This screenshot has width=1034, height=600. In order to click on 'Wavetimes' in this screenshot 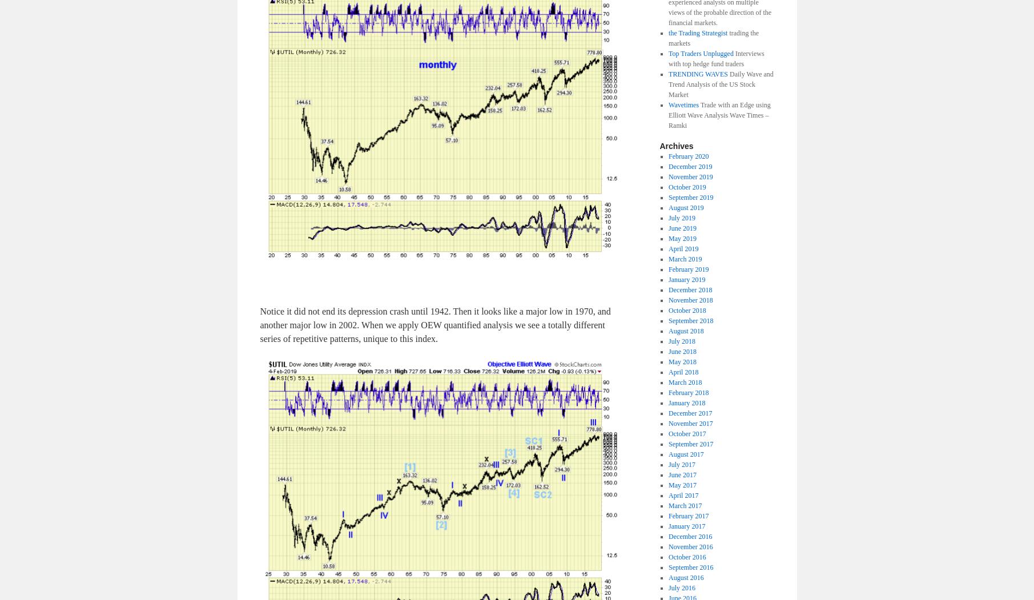, I will do `click(683, 104)`.